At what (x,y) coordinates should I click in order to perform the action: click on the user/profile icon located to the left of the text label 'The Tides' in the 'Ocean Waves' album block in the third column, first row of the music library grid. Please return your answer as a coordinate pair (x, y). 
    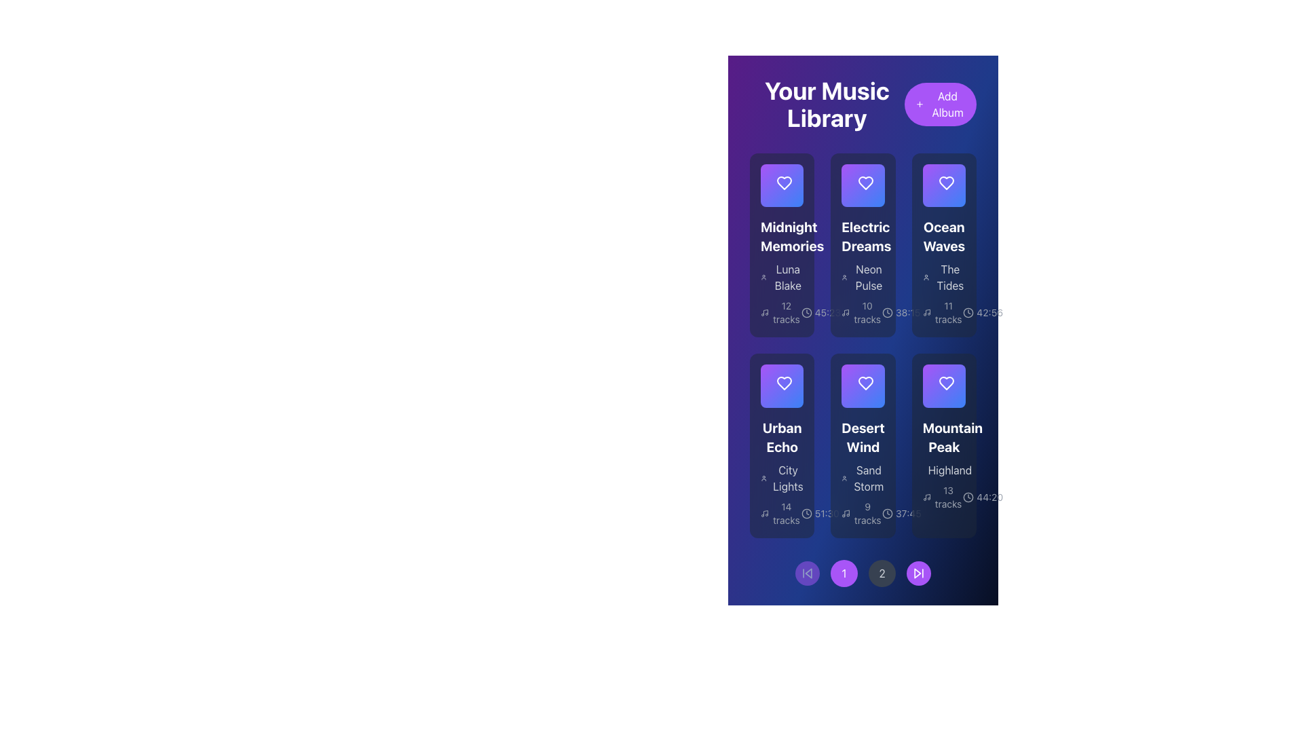
    Looking at the image, I should click on (925, 277).